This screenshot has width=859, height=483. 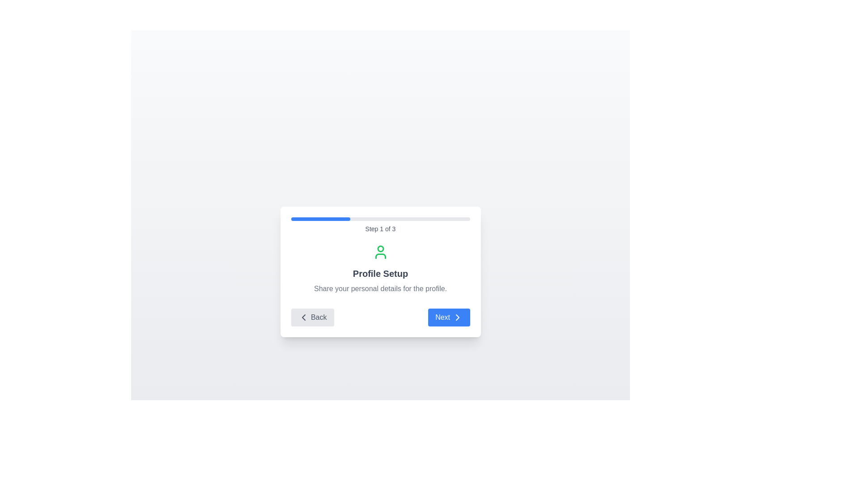 I want to click on the text component displaying 'Step 1 of 3' below the progress bar by clicking on it, so click(x=380, y=228).